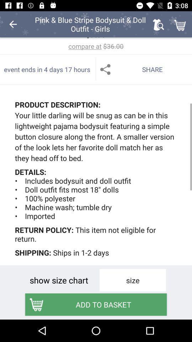  Describe the element at coordinates (144, 69) in the screenshot. I see `the share` at that location.